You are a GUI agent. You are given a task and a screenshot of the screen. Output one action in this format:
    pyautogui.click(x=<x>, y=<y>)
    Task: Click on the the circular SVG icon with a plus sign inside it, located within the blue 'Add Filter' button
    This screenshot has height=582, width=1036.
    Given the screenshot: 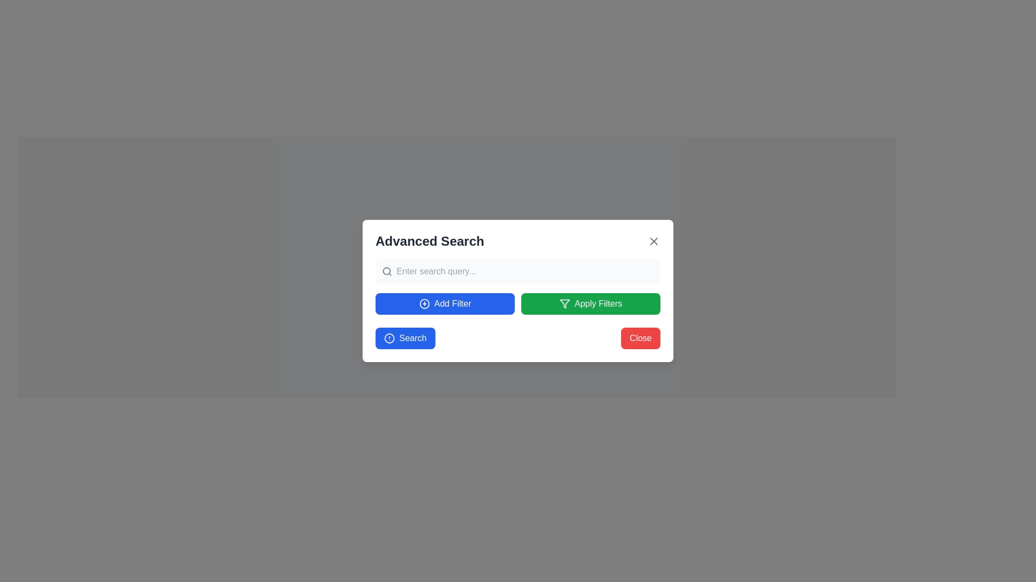 What is the action you would take?
    pyautogui.click(x=424, y=303)
    